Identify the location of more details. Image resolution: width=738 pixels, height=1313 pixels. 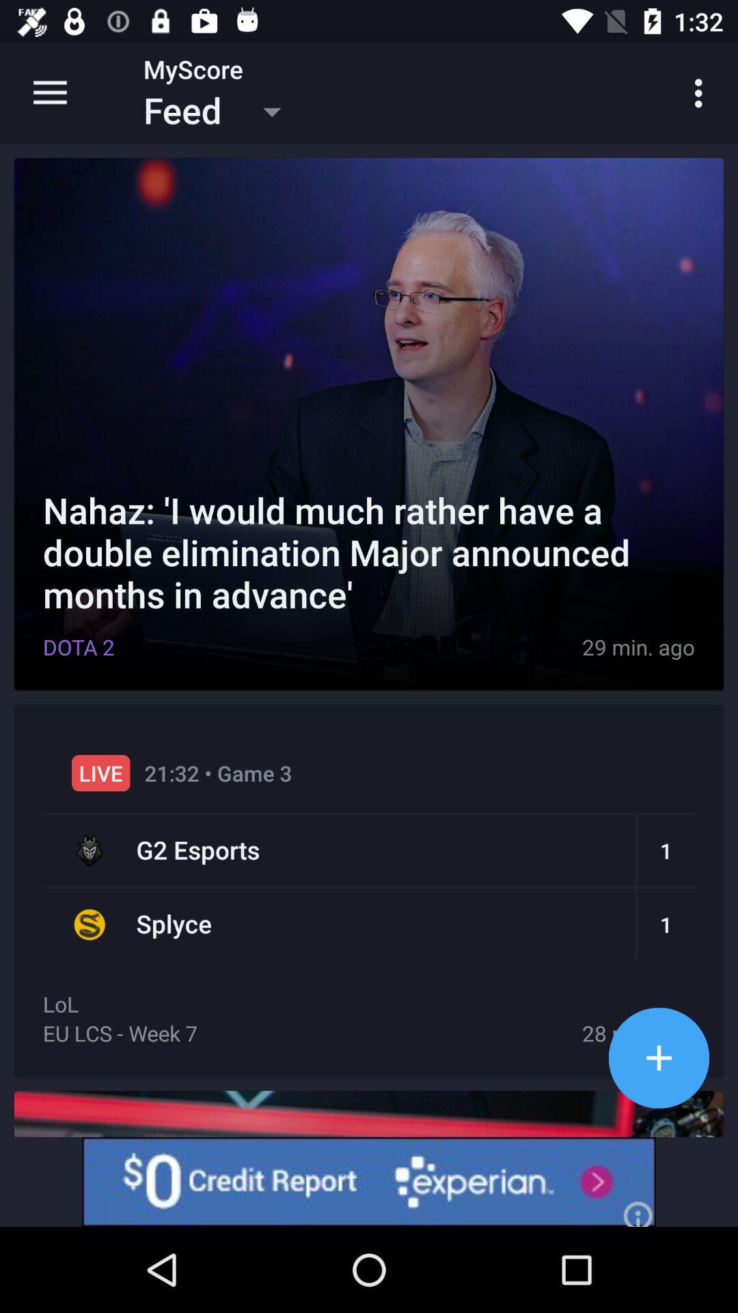
(658, 1057).